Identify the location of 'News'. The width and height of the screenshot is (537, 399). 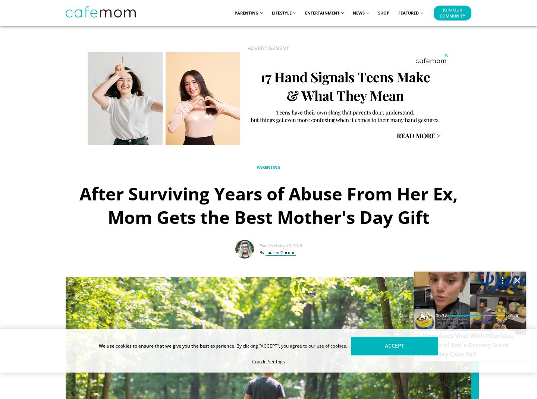
(358, 12).